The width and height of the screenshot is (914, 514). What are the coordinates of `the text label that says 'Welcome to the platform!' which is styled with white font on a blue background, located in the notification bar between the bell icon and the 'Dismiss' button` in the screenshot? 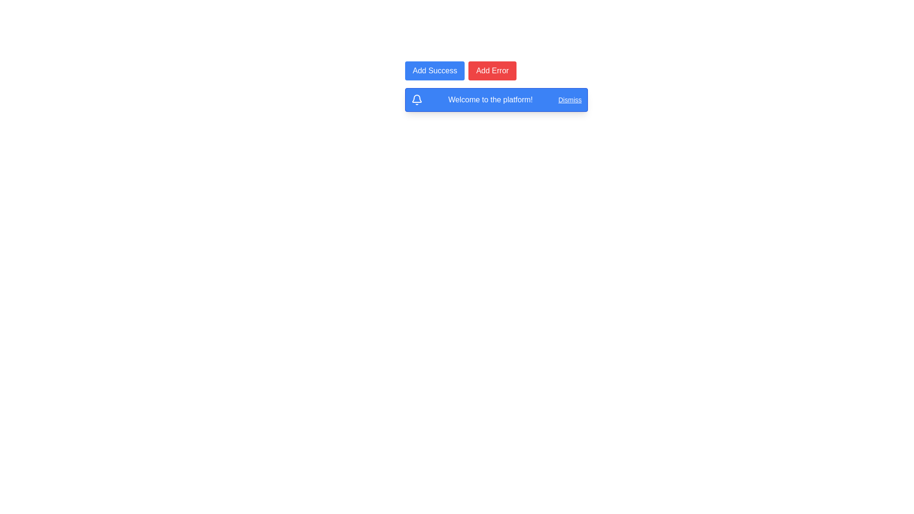 It's located at (490, 99).